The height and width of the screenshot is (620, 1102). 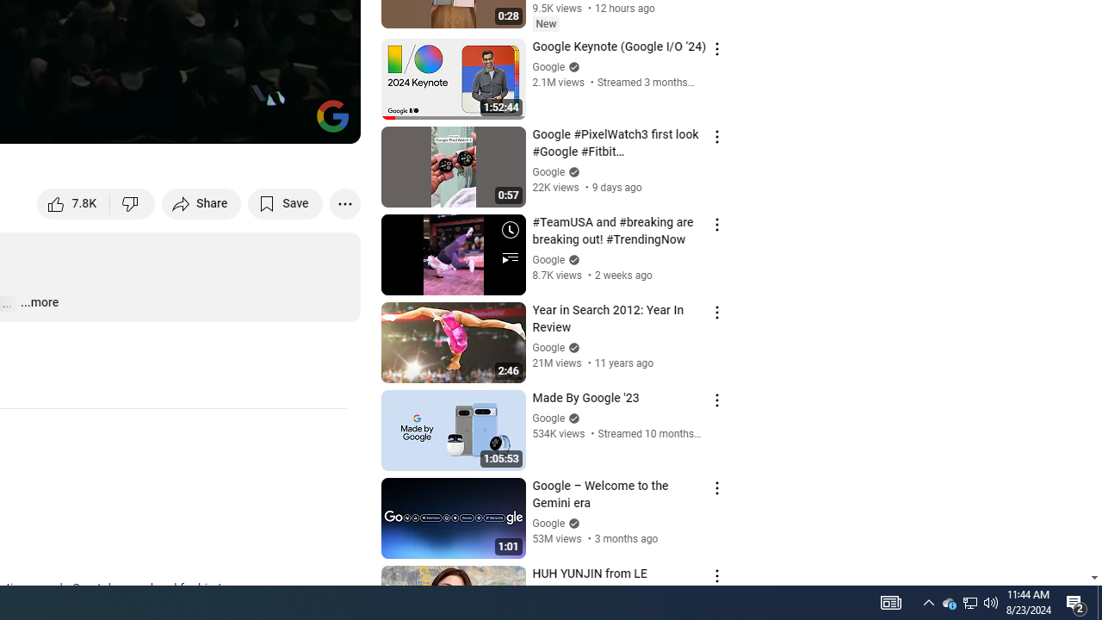 I want to click on 'More actions', so click(x=344, y=202).